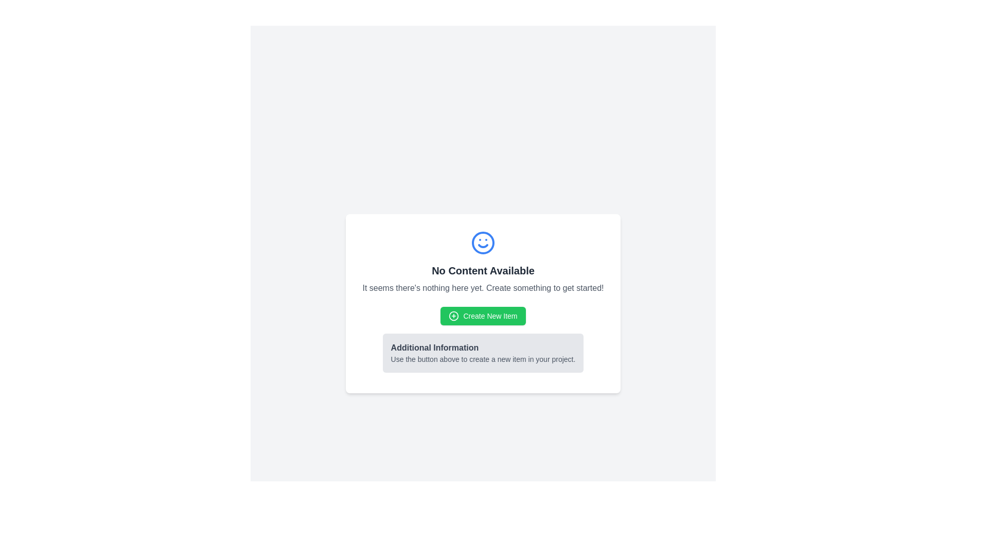  Describe the element at coordinates (483, 288) in the screenshot. I see `the Text Label that instructs users to create content, positioned below the title 'No Content Available' and above the green button labeled 'Create New Item'` at that location.